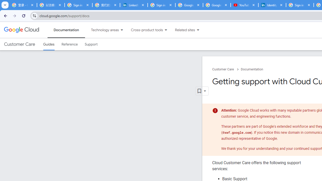  Describe the element at coordinates (21, 30) in the screenshot. I see `'Google Cloud'` at that location.